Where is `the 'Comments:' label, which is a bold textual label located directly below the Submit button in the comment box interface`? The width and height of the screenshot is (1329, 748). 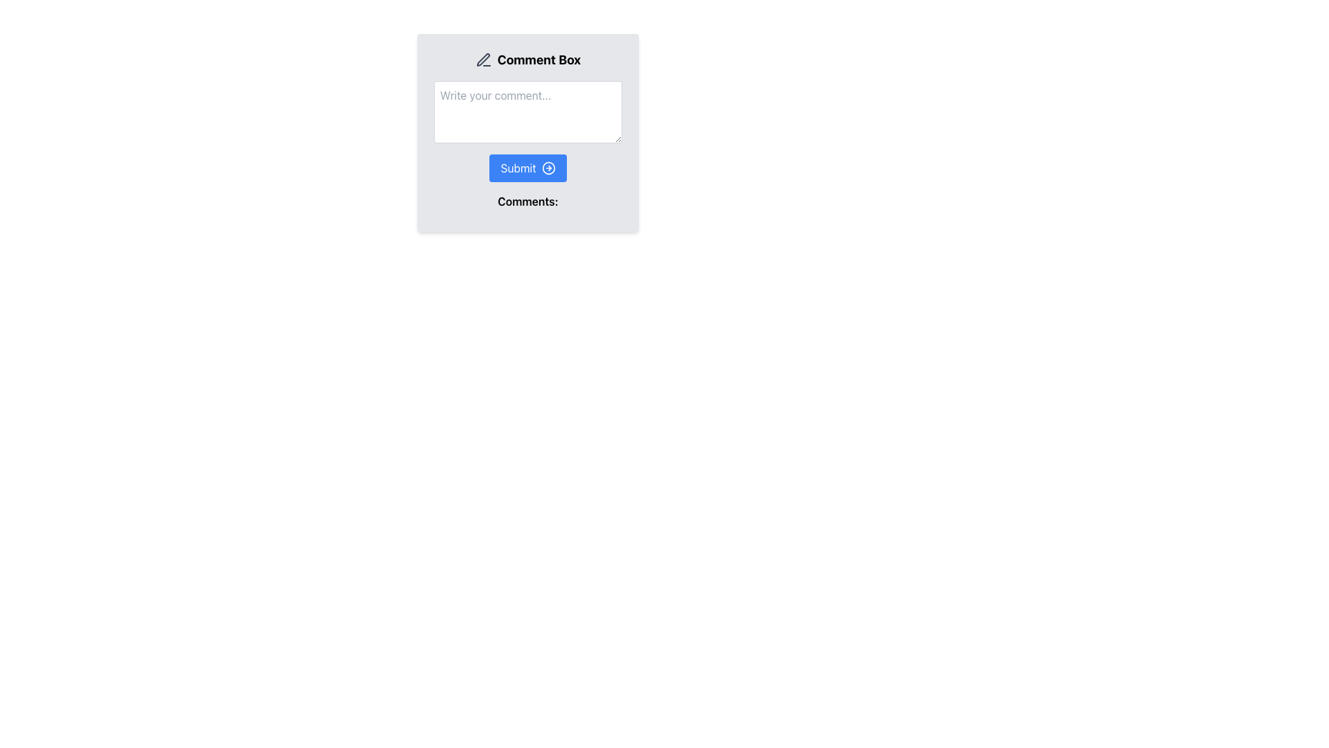 the 'Comments:' label, which is a bold textual label located directly below the Submit button in the comment box interface is located at coordinates (527, 201).